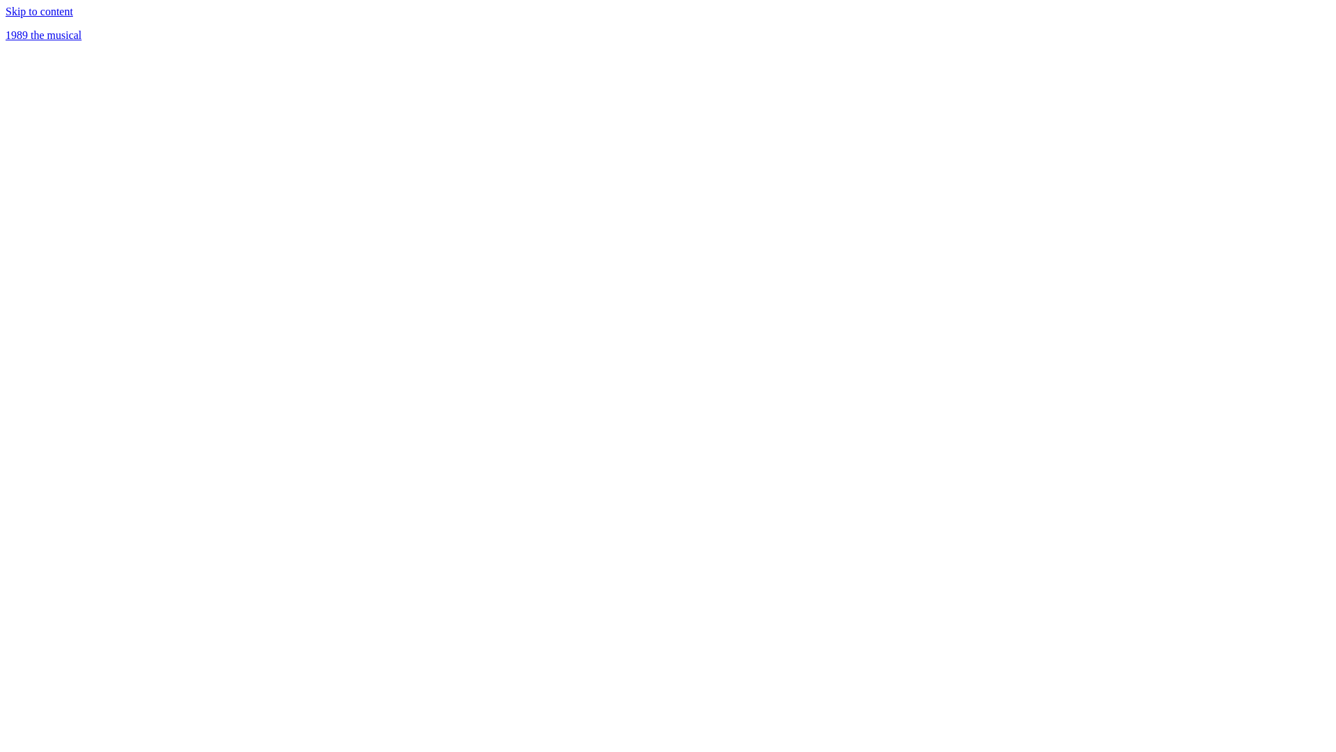 The image size is (1336, 752). Describe the element at coordinates (43, 34) in the screenshot. I see `'1989 the musical'` at that location.